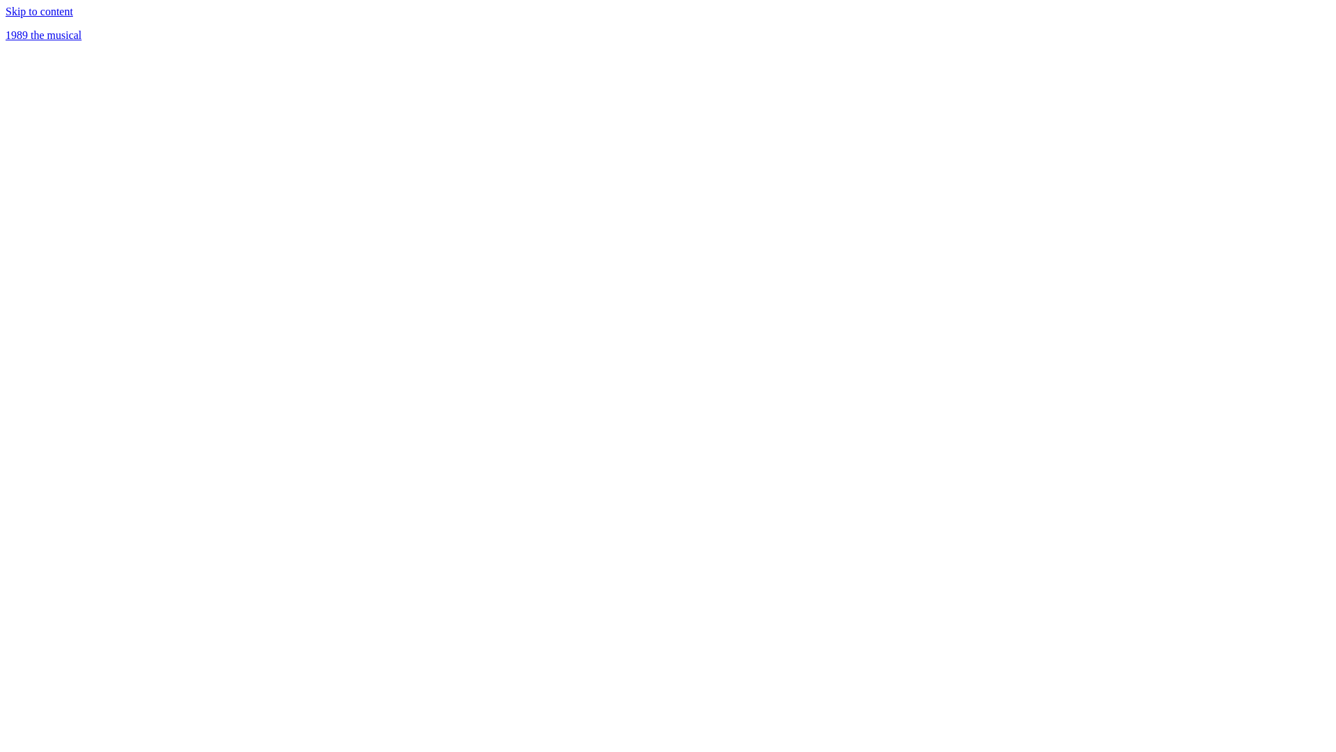 The image size is (1336, 752). Describe the element at coordinates (43, 34) in the screenshot. I see `'1989 the musical'` at that location.